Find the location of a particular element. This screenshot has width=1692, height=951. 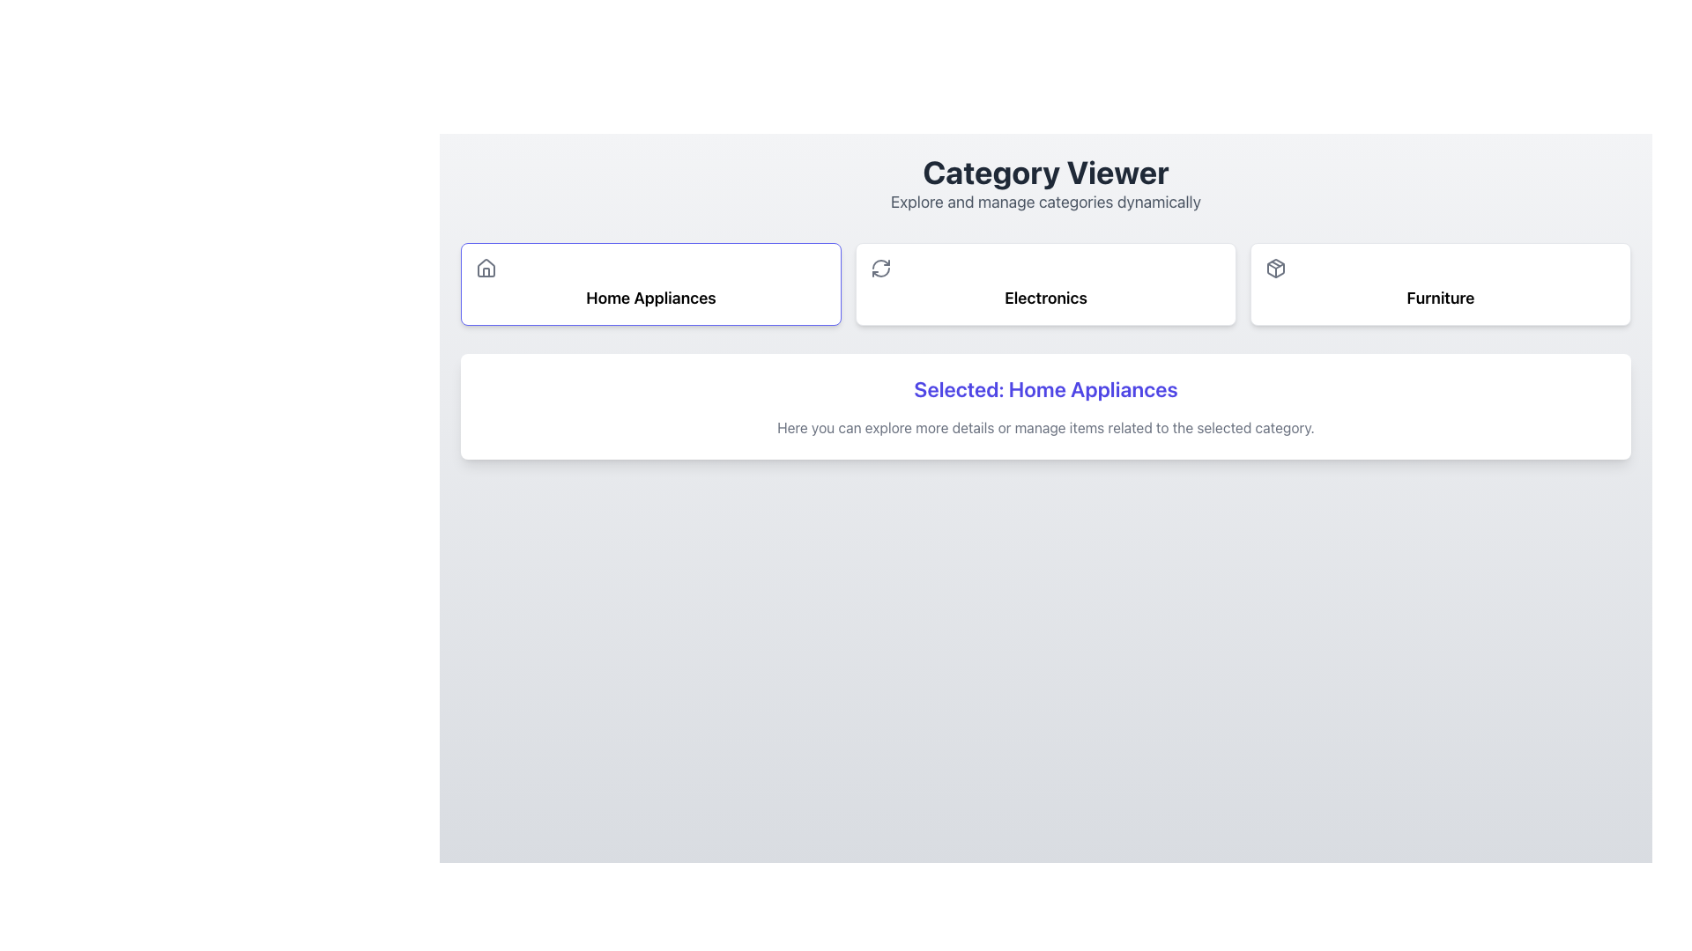

the static text label that reads 'Here you can explore more details or manage items related to the selected category.' which is positioned below the blue text 'Selected: Home Appliances' is located at coordinates (1045, 428).